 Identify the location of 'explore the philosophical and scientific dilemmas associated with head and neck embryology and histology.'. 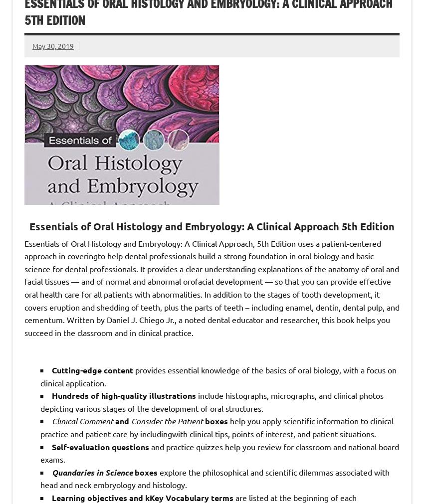
(214, 478).